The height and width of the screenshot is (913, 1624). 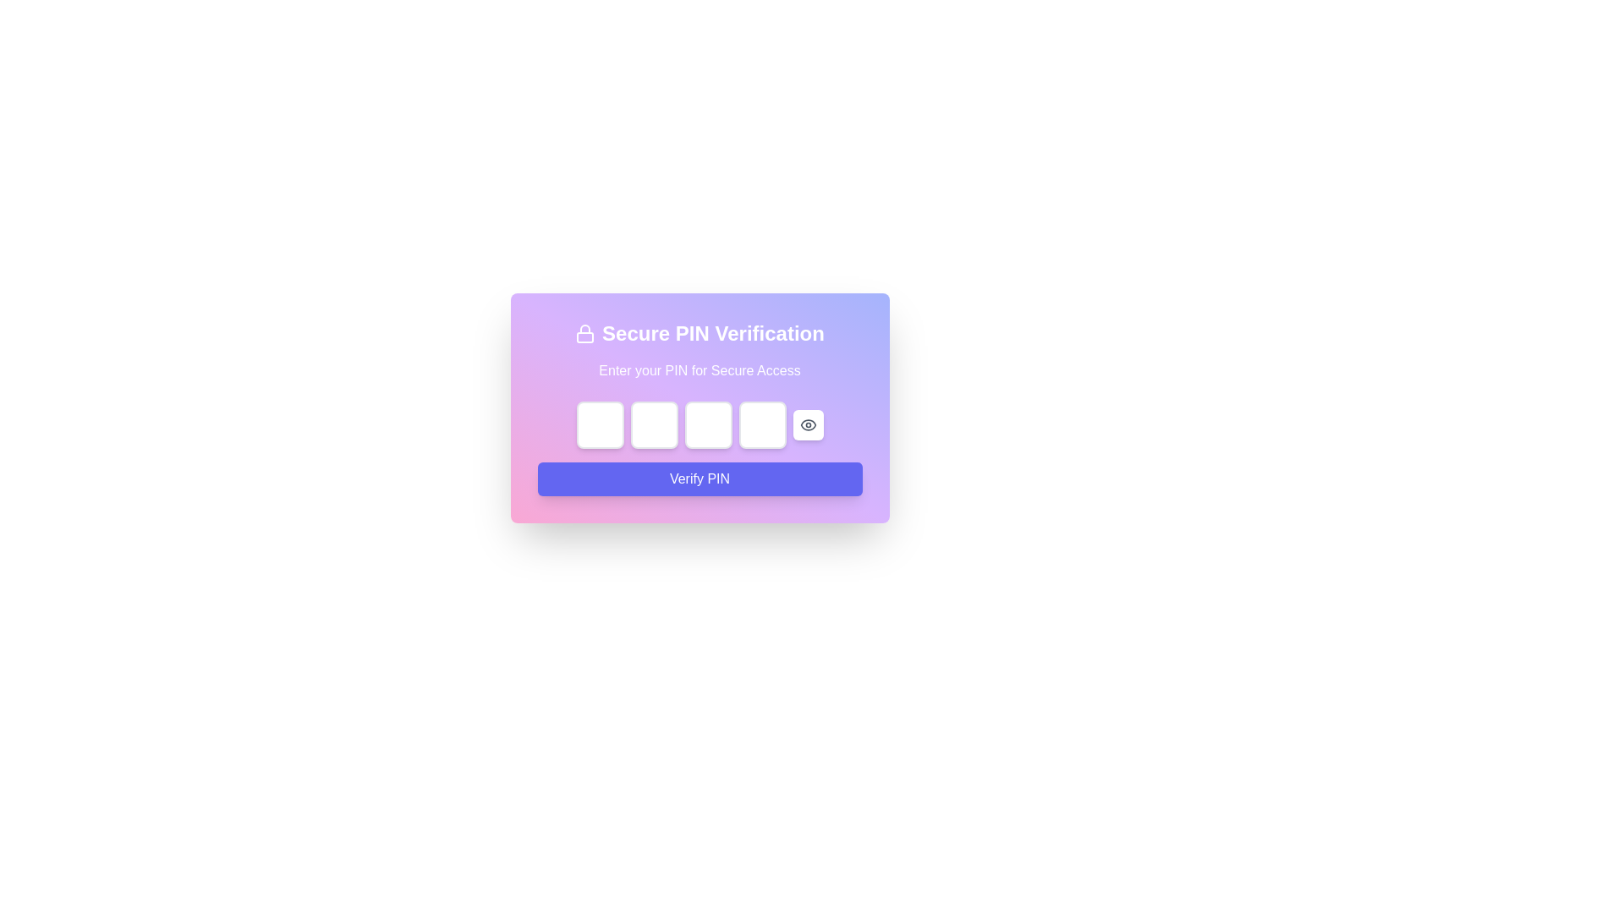 What do you see at coordinates (585, 333) in the screenshot?
I see `the Decorative lock icon located to the left of the 'Secure PIN Verification' title text` at bounding box center [585, 333].